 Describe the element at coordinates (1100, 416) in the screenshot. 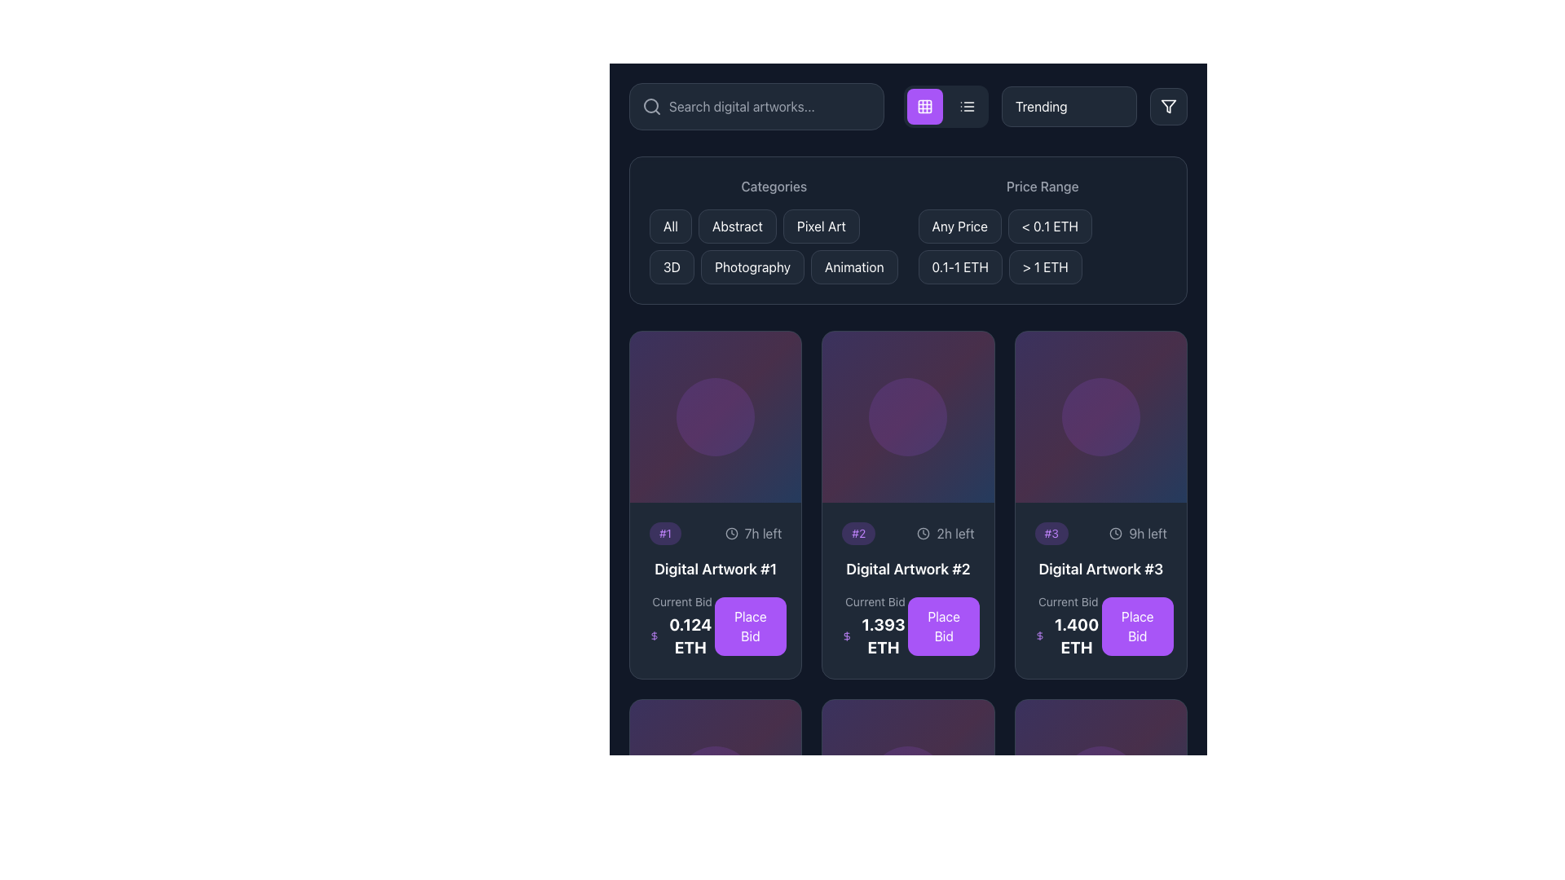

I see `the decorative placeholder or accent component located in the top half of the third card in a horizontally aligned grid layout` at that location.